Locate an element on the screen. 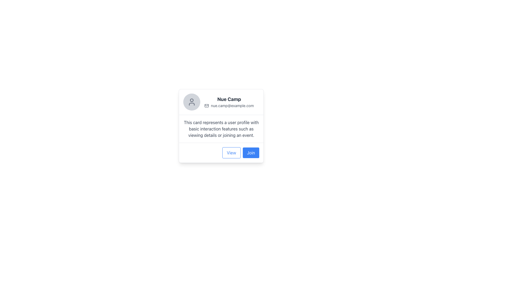  the user profile icon, which is a minimalist outline of a head and shoulders enclosed in a circular gray background, located in the top-left section of a card layout is located at coordinates (191, 102).